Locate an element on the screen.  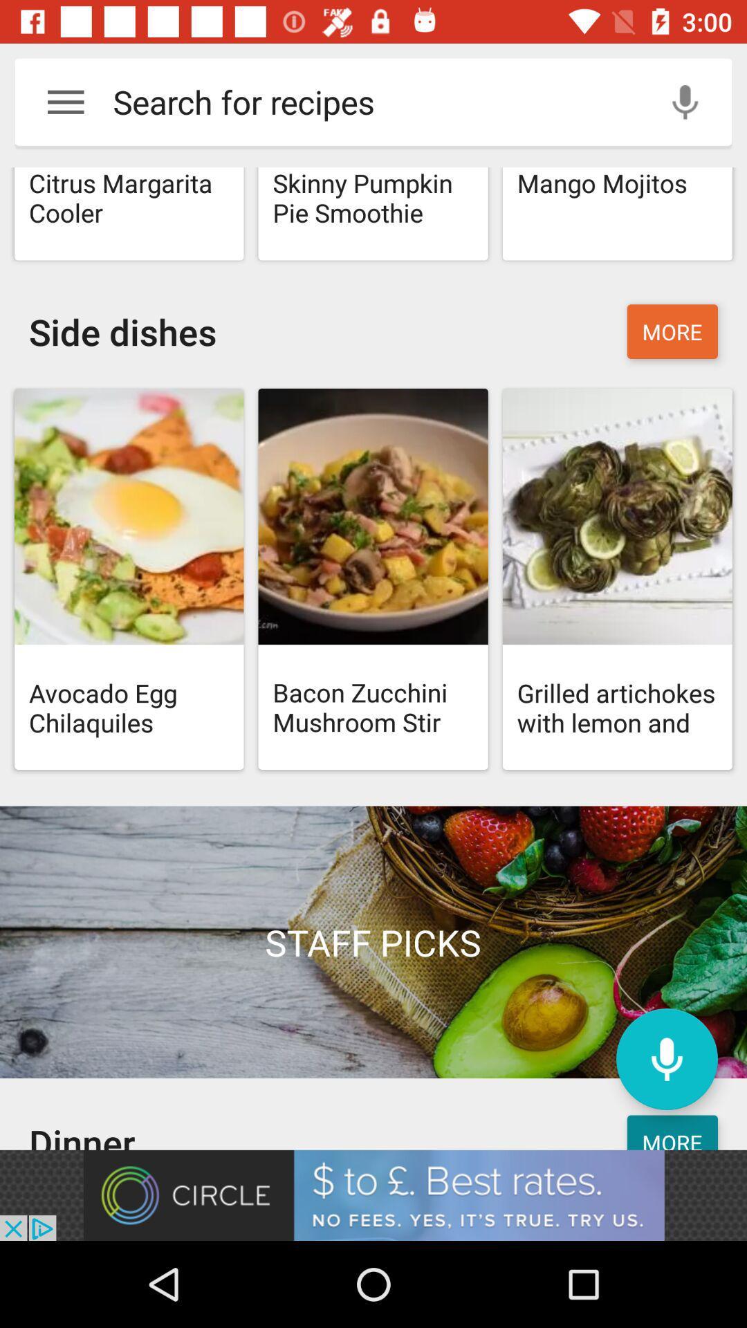
the microphone icon is located at coordinates (666, 1058).